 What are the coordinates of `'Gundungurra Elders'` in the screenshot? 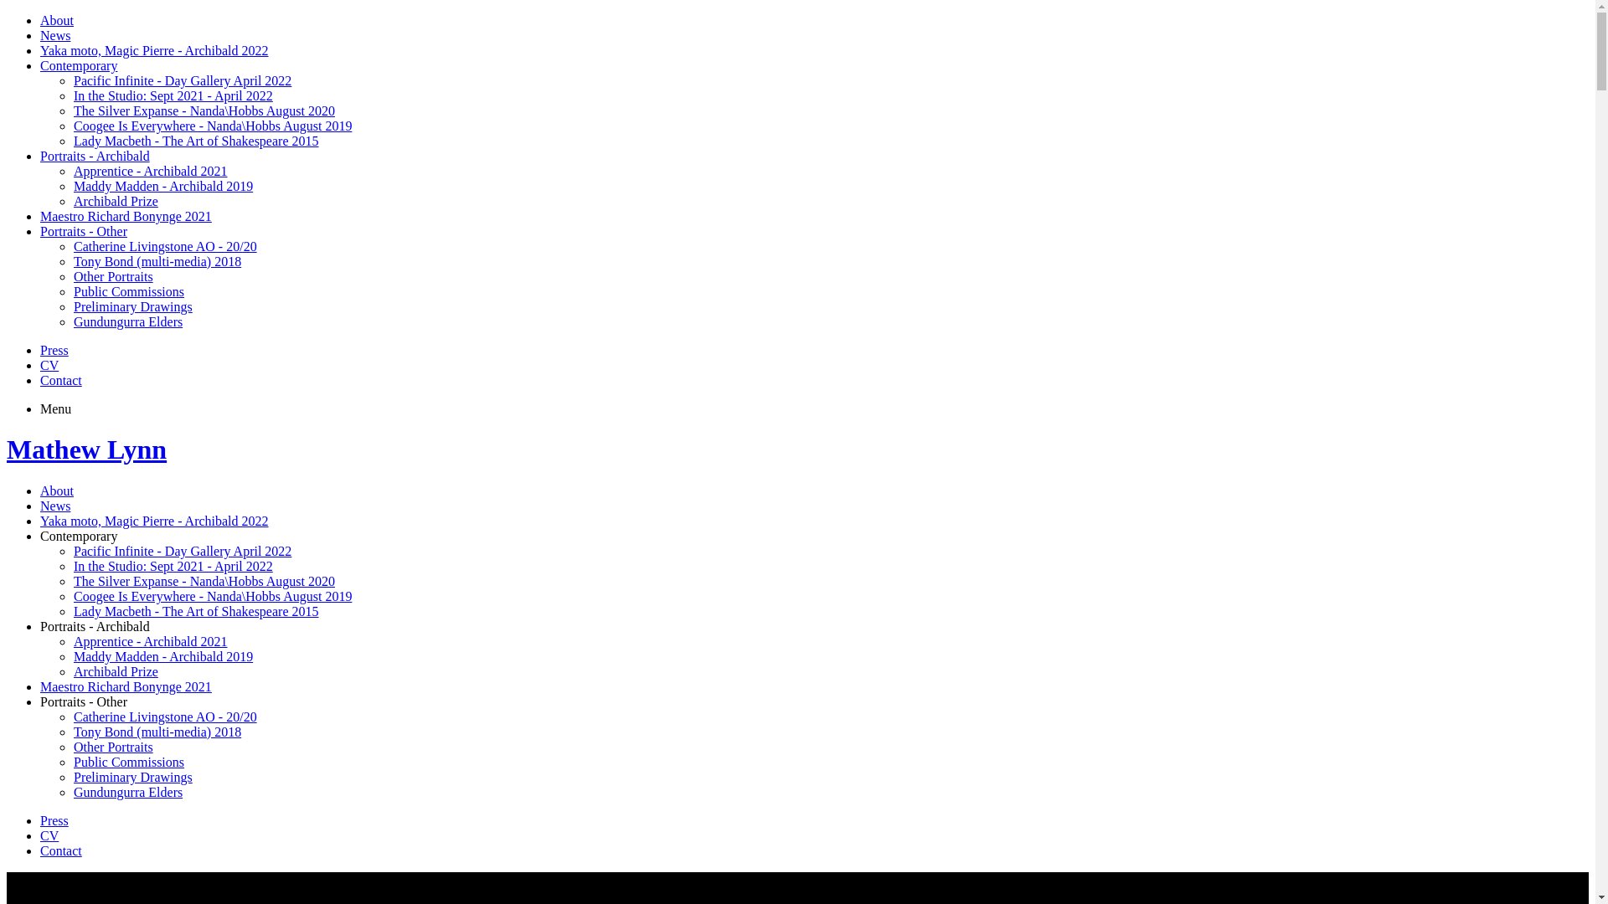 It's located at (127, 321).